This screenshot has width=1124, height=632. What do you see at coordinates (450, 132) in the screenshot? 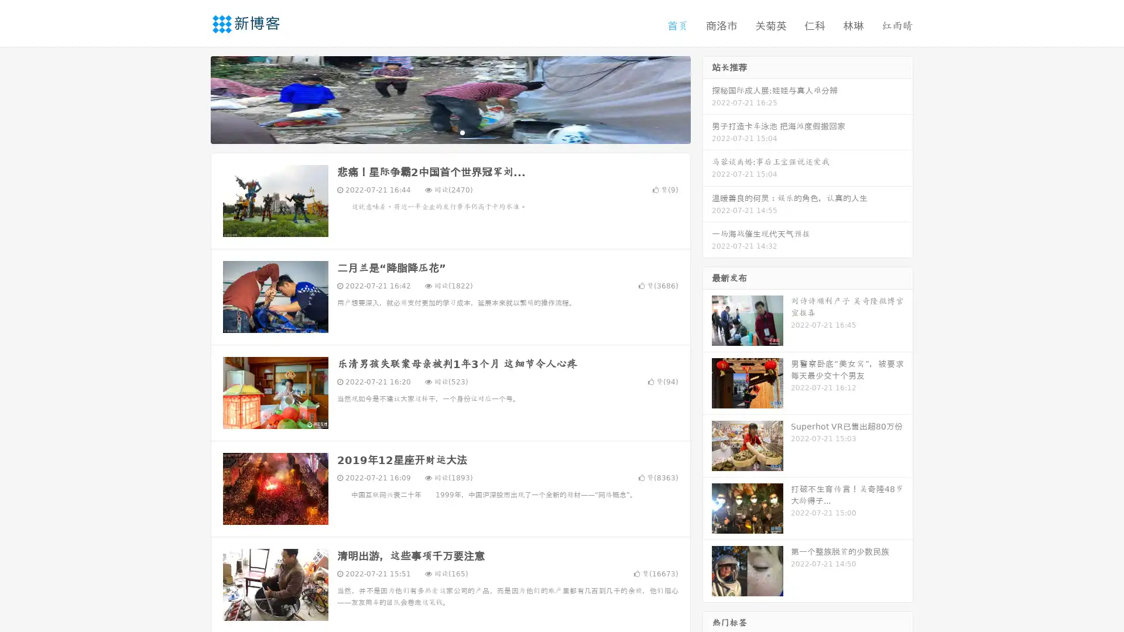
I see `Go to slide 2` at bounding box center [450, 132].